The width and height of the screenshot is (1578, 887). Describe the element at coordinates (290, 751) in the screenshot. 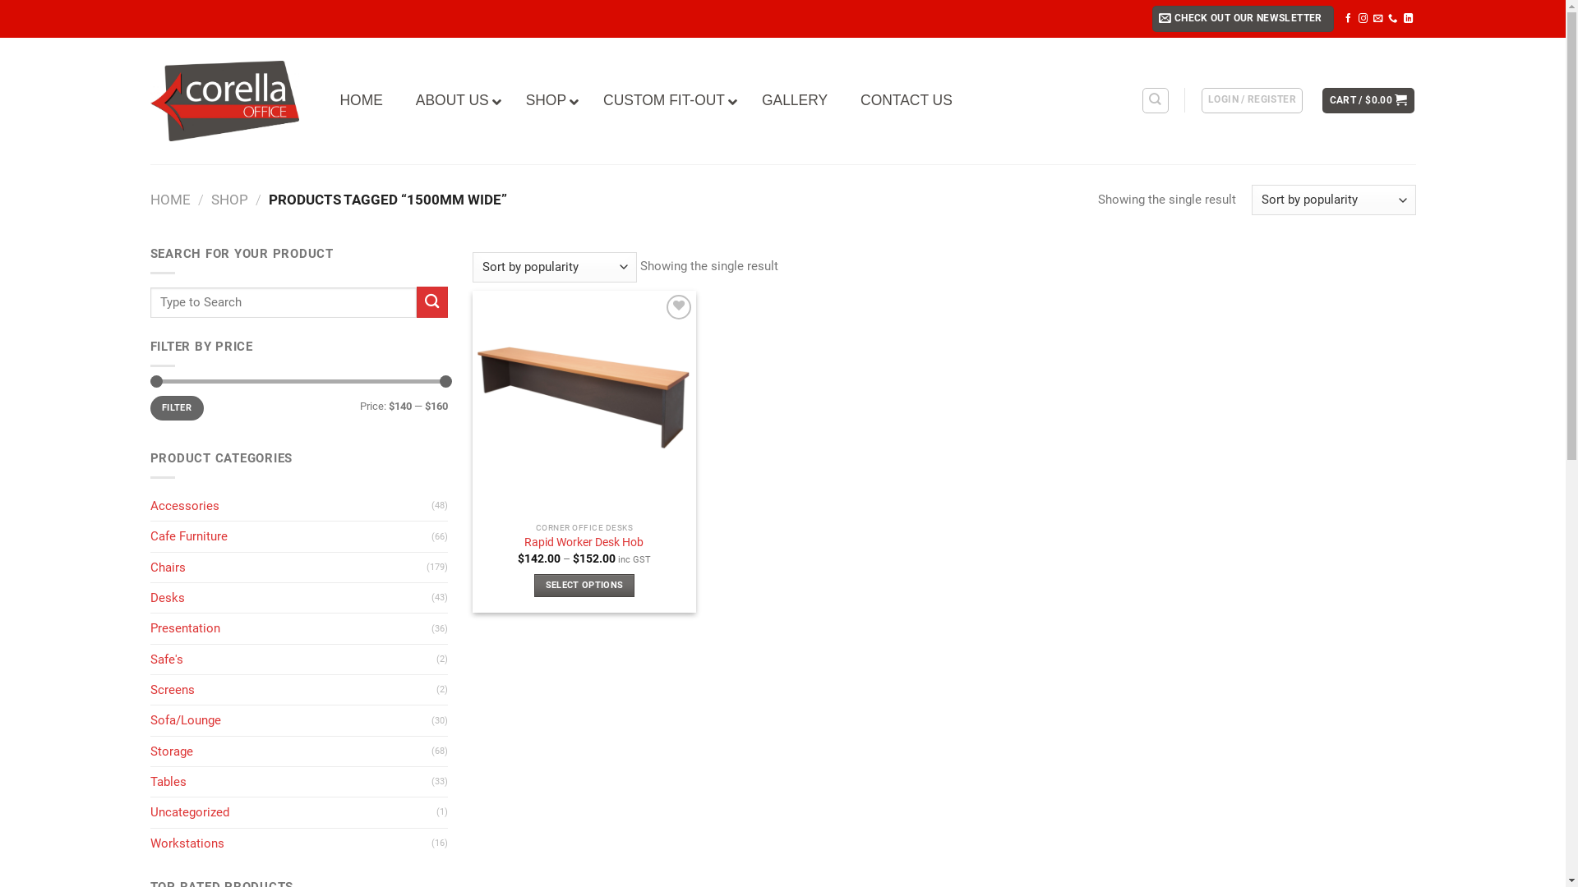

I see `'Storage'` at that location.